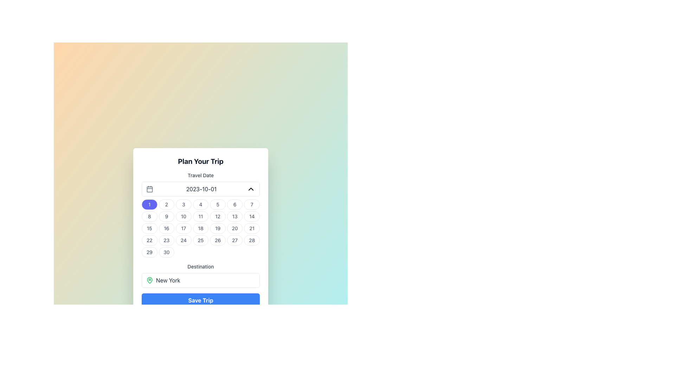 The image size is (675, 379). Describe the element at coordinates (149, 189) in the screenshot. I see `details of the calendar icon associated with the 'Travel Date' functionality, located above the 'Travel Date' input field` at that location.